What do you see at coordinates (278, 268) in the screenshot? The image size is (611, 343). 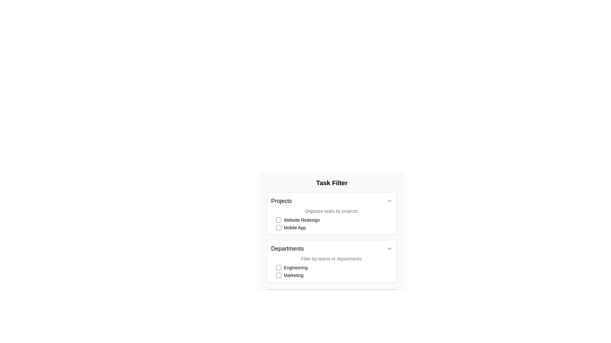 I see `the small square checkbox with a blue border located in the 'Departments' section` at bounding box center [278, 268].